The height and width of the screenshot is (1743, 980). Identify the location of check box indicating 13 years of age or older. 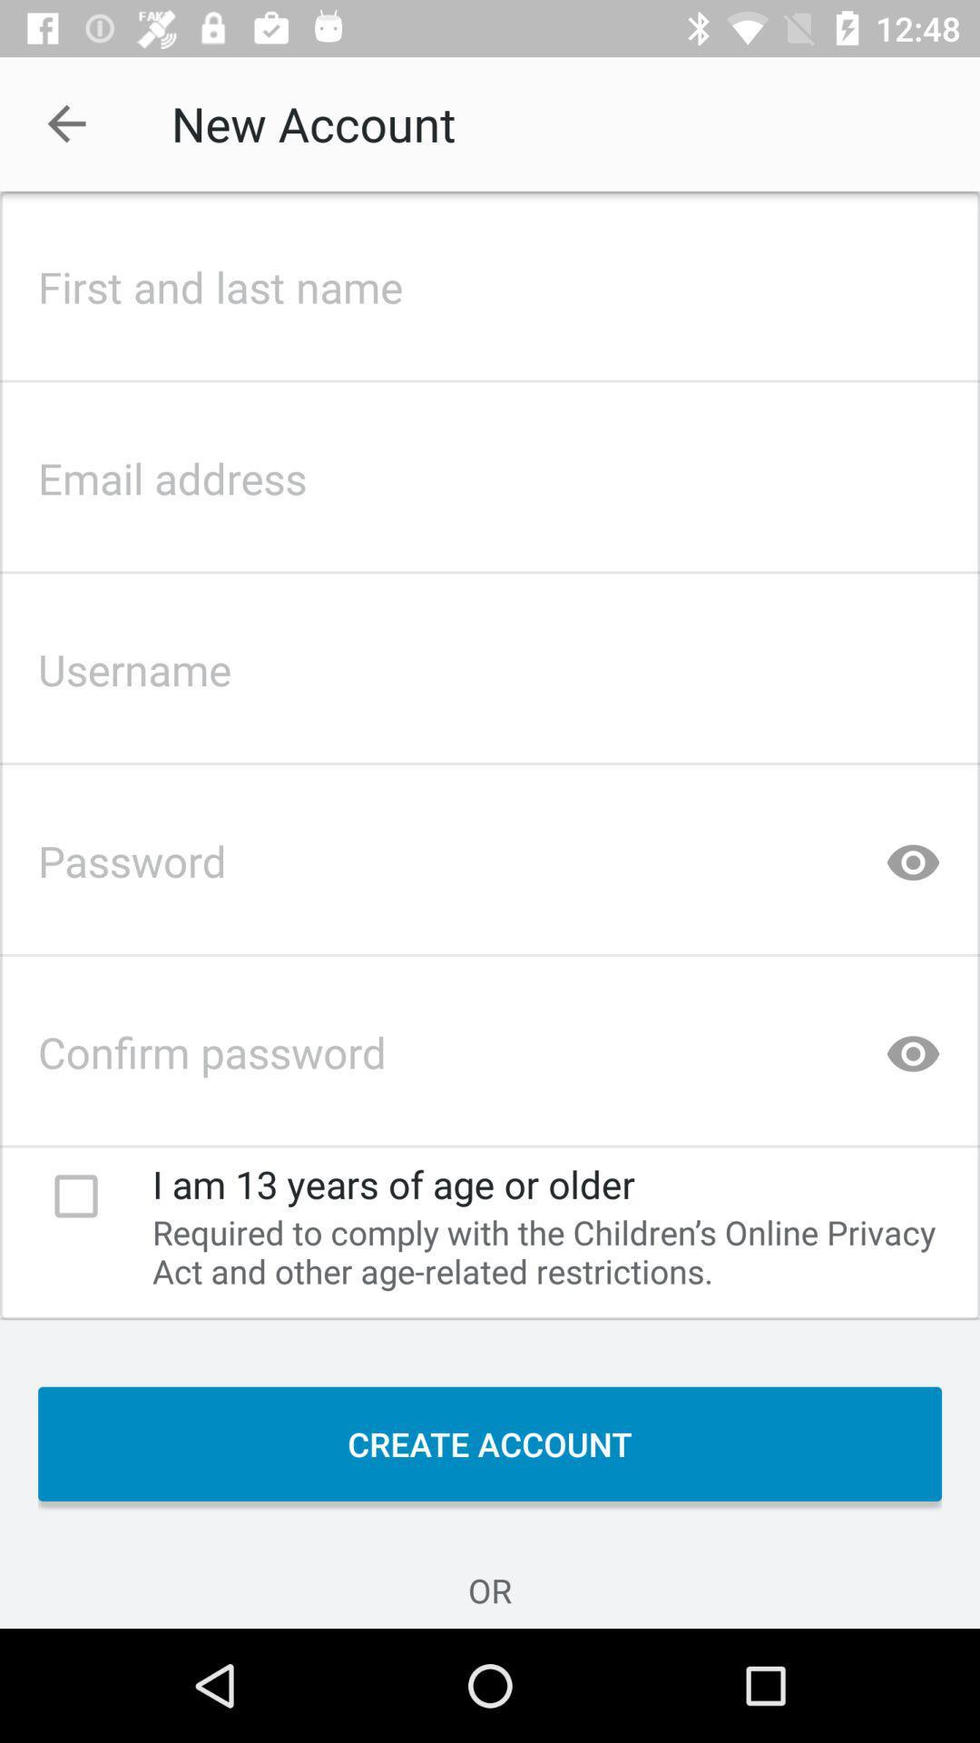
(75, 1196).